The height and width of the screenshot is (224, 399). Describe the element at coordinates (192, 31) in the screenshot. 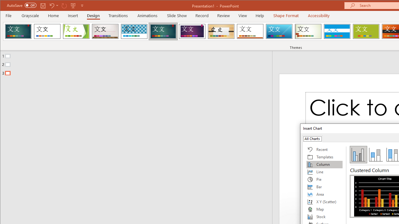

I see `'Ion Boardroom'` at that location.